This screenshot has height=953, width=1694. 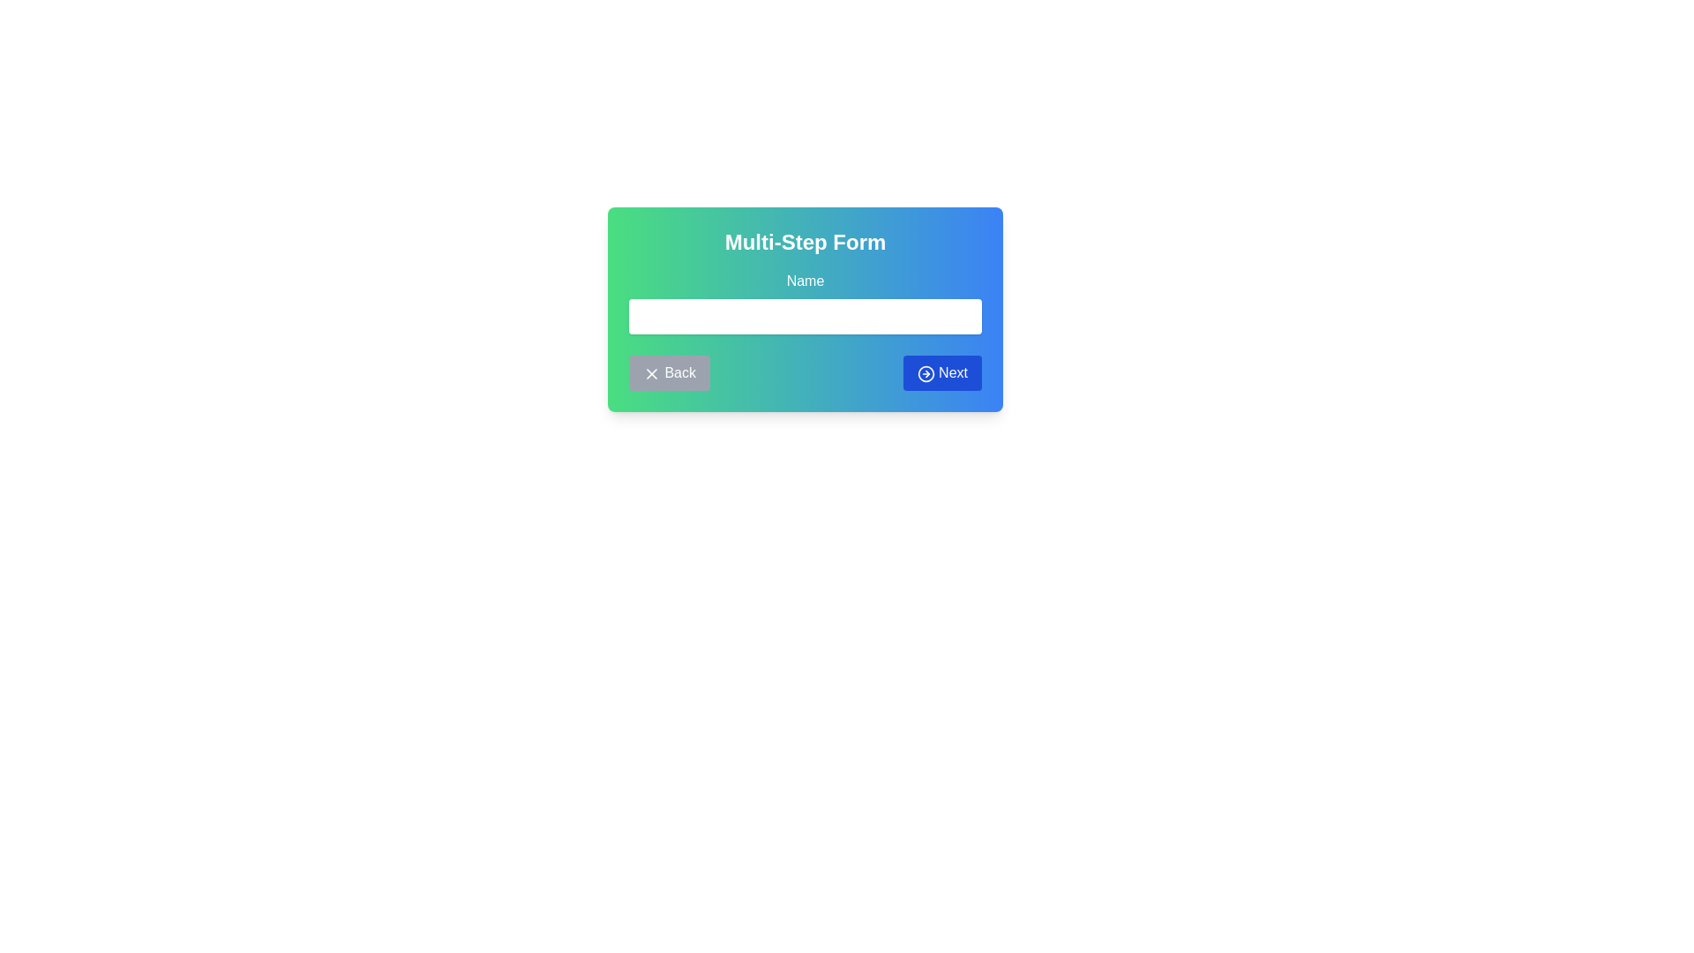 I want to click on the 'Next' button located on the right side of the horizontal button arrangement at the bottom of the form to proceed to the next step, so click(x=941, y=372).